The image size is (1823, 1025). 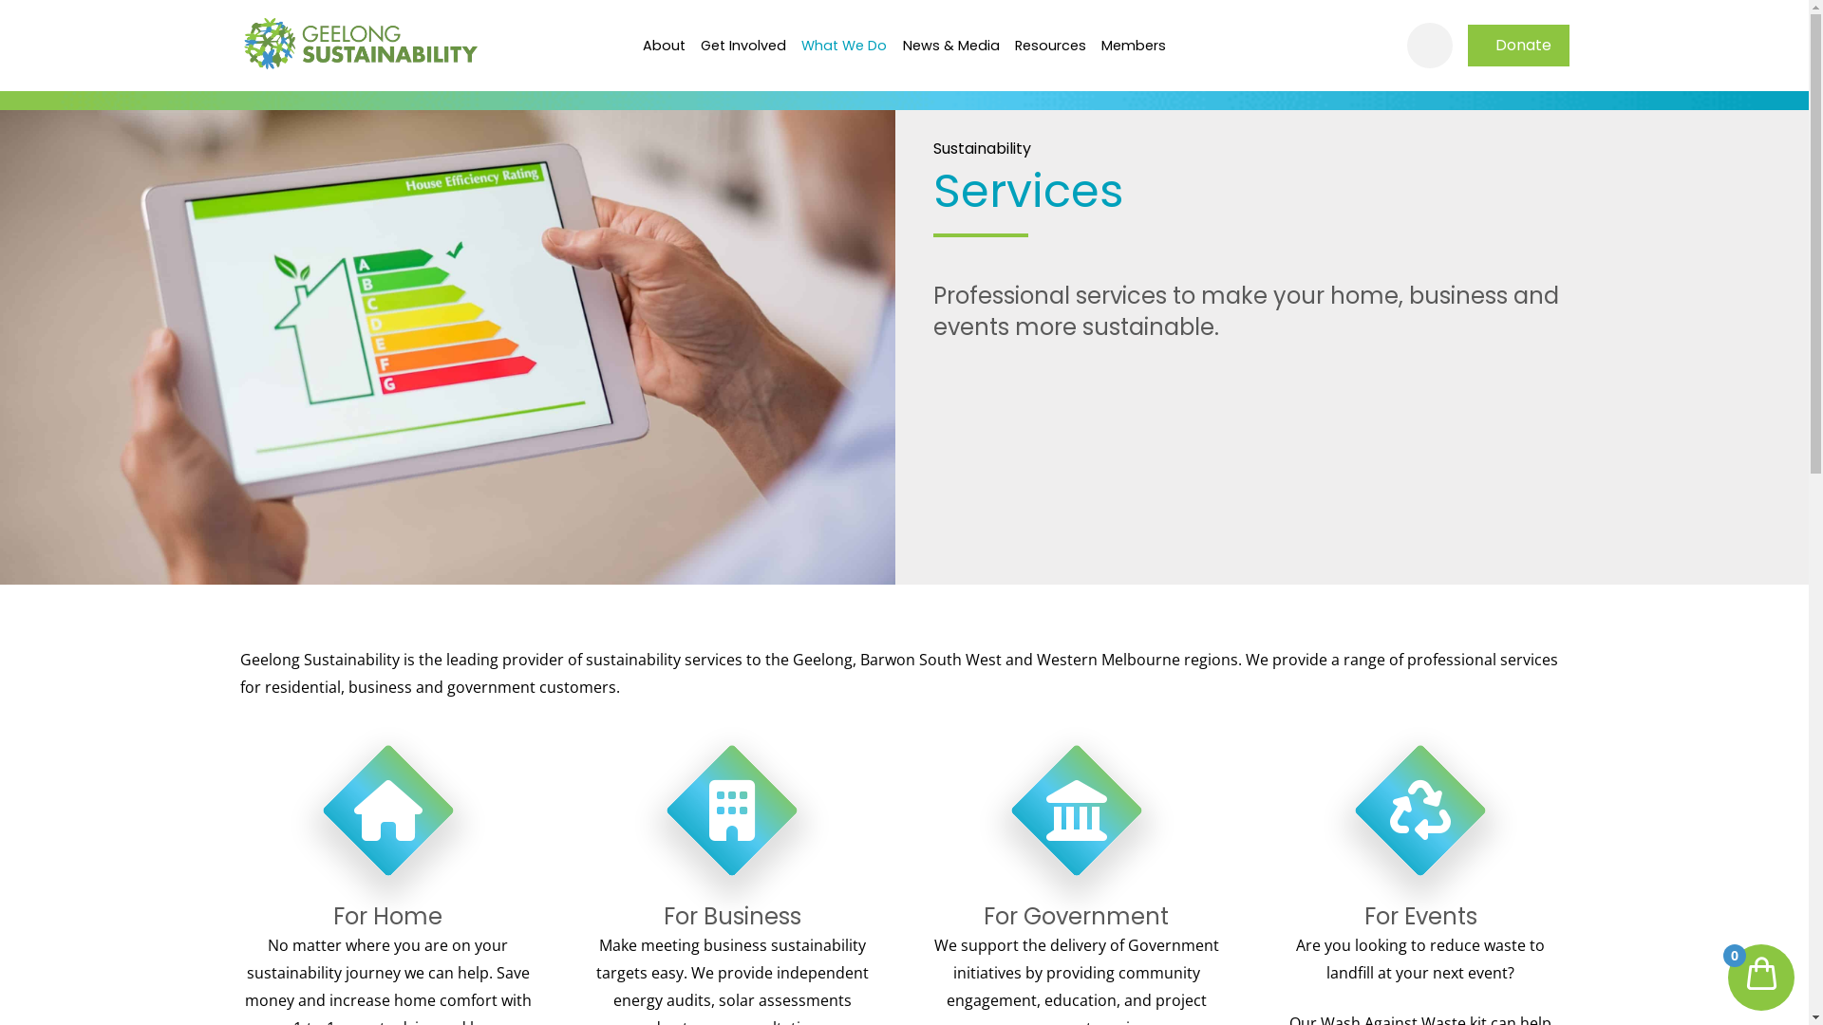 What do you see at coordinates (1134, 44) in the screenshot?
I see `'Members'` at bounding box center [1134, 44].